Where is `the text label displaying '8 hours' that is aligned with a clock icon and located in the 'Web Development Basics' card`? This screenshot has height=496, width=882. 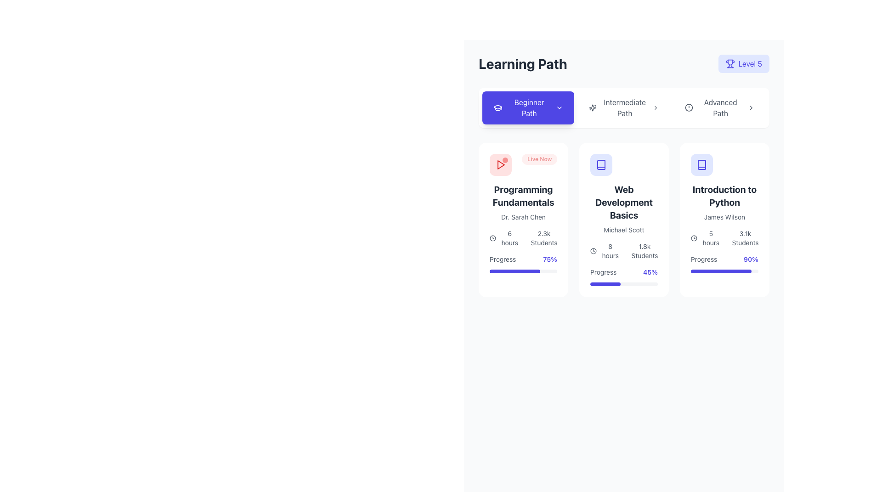 the text label displaying '8 hours' that is aligned with a clock icon and located in the 'Web Development Basics' card is located at coordinates (610, 251).